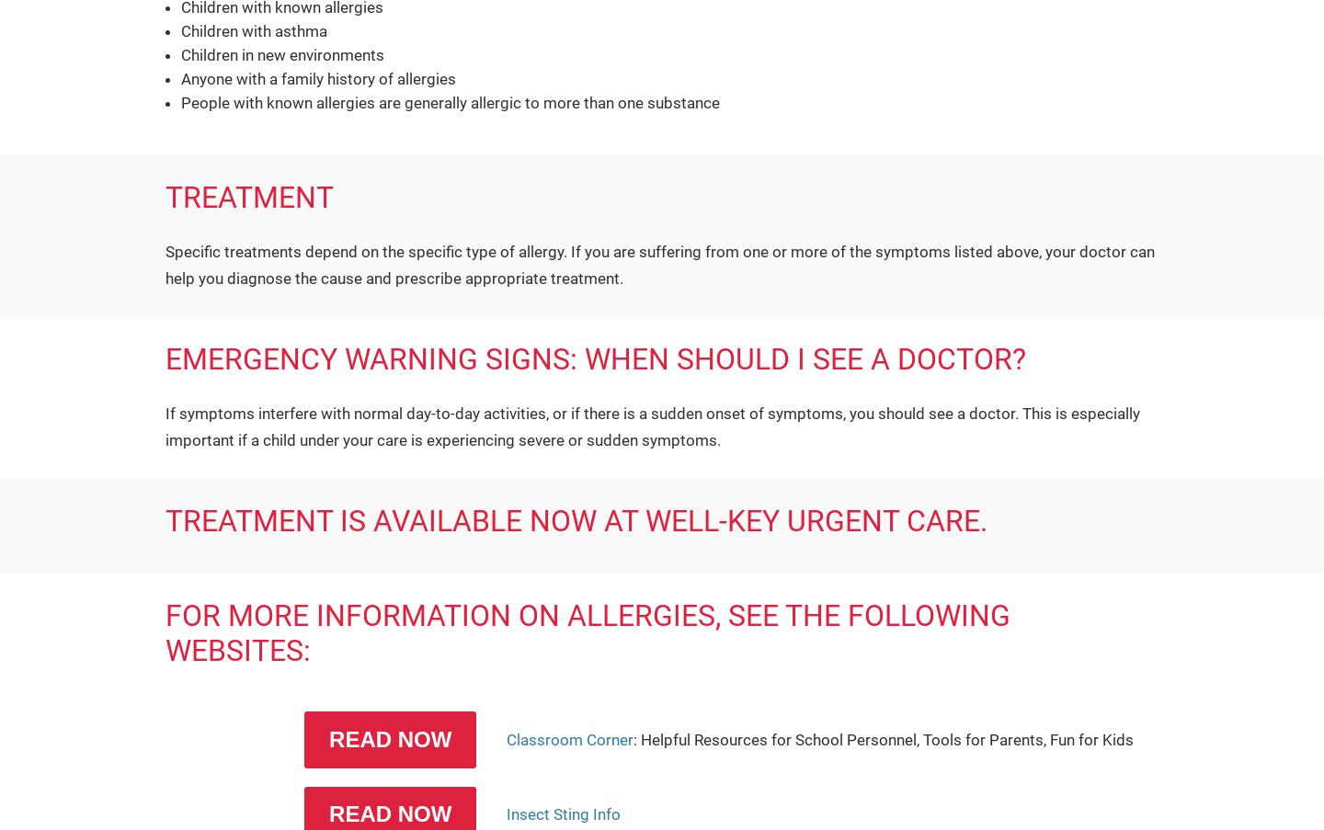 Image resolution: width=1324 pixels, height=830 pixels. What do you see at coordinates (575, 519) in the screenshot?
I see `'TREATMENT IS AVAILABLE NOW AT WELL-KEY URGENT CARE.'` at bounding box center [575, 519].